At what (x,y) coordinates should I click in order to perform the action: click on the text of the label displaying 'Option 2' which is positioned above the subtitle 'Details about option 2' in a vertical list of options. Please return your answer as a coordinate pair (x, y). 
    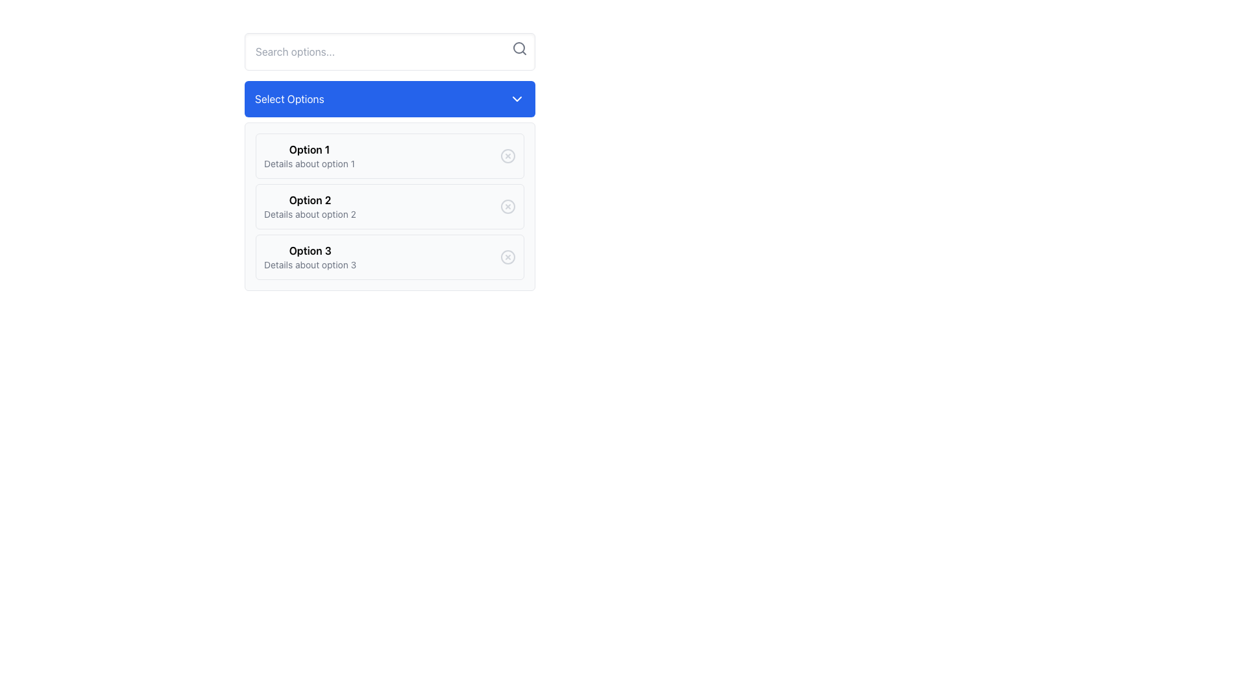
    Looking at the image, I should click on (309, 200).